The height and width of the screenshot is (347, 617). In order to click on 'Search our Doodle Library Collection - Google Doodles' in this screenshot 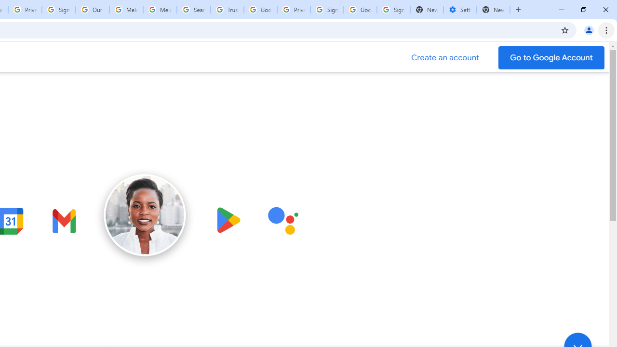, I will do `click(193, 10)`.